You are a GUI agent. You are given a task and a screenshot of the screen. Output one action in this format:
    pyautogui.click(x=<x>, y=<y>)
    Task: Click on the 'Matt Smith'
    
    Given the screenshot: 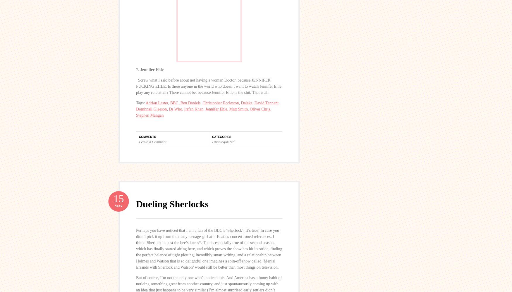 What is the action you would take?
    pyautogui.click(x=238, y=109)
    